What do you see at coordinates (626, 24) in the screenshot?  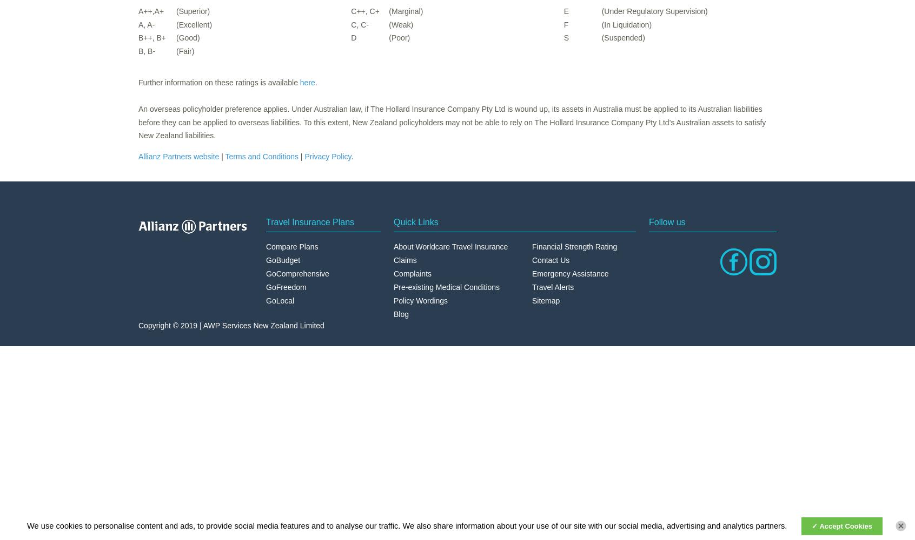 I see `'(In Liquidation)'` at bounding box center [626, 24].